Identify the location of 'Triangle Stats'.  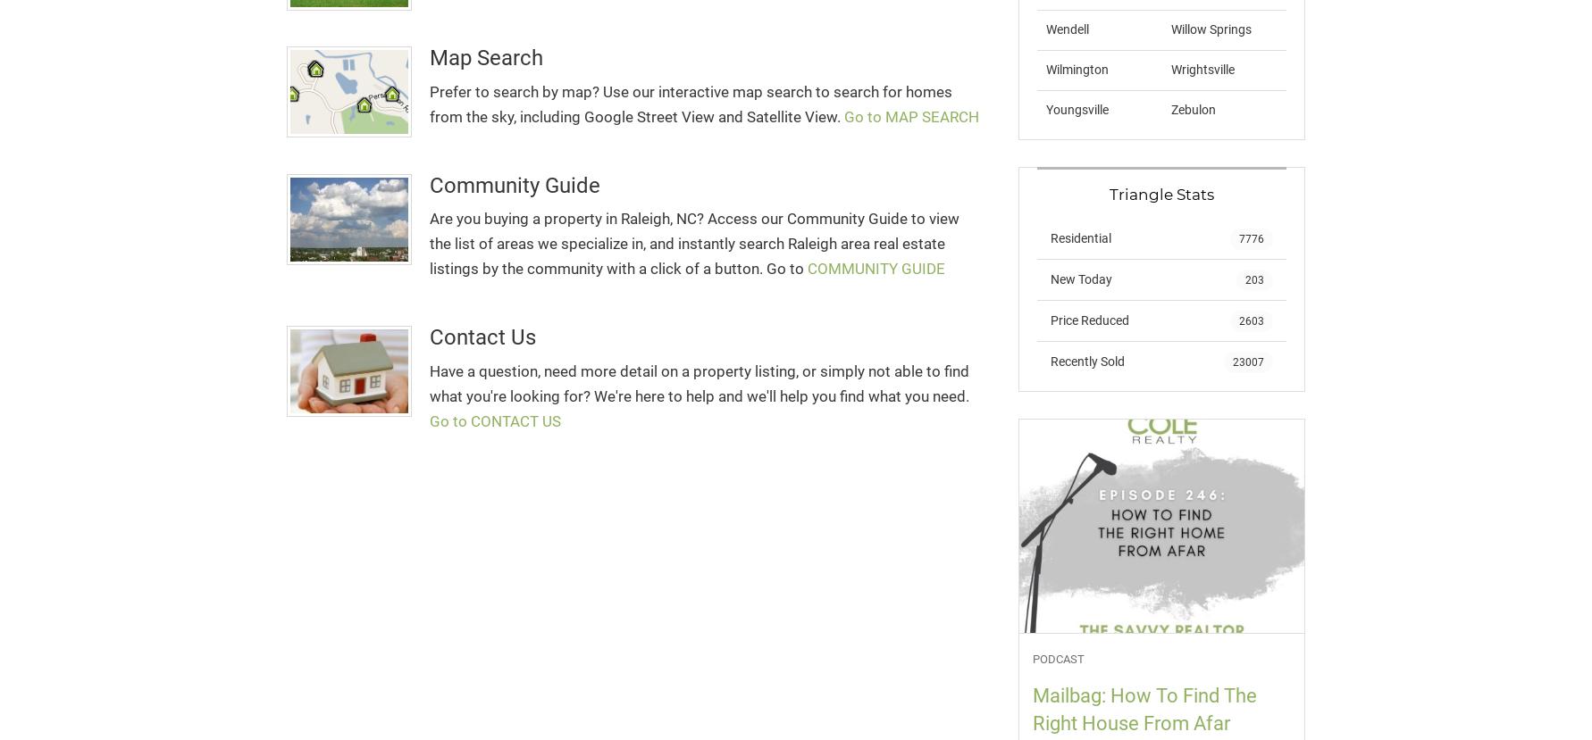
(1161, 193).